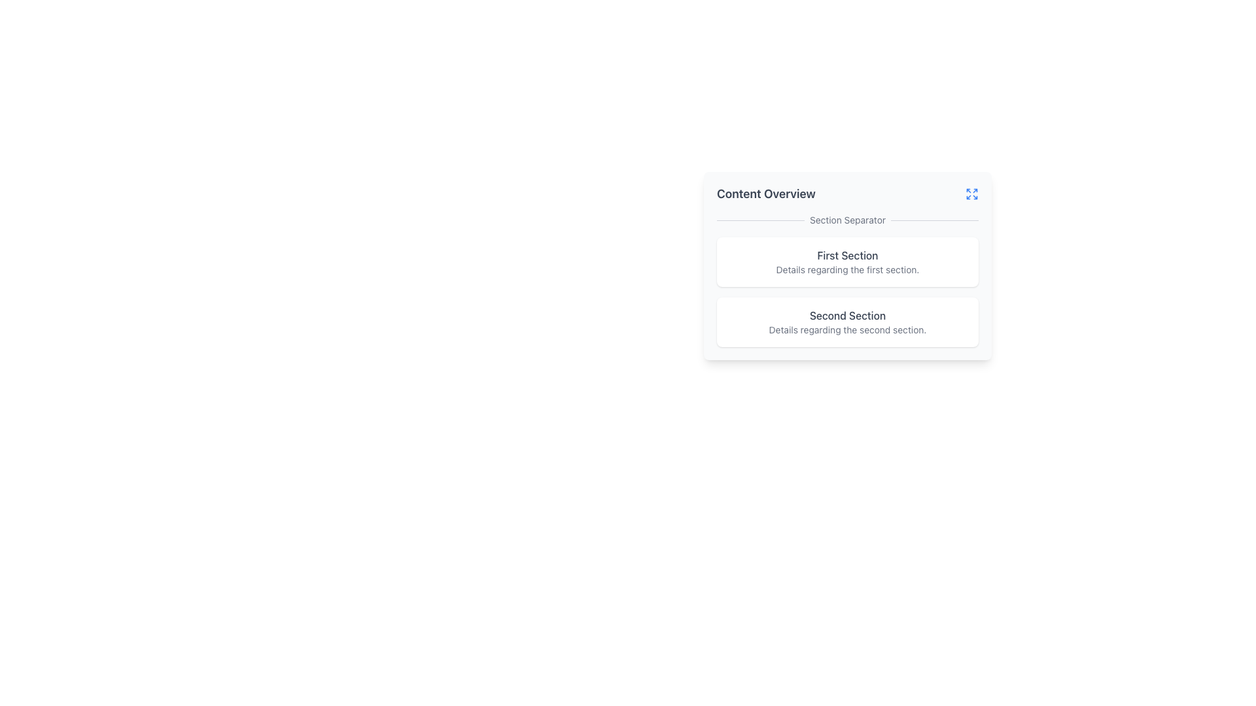 The width and height of the screenshot is (1256, 706). Describe the element at coordinates (848, 315) in the screenshot. I see `the static text label 'Second Section' which serves as the header for the second section in the 'Content Overview' panel` at that location.